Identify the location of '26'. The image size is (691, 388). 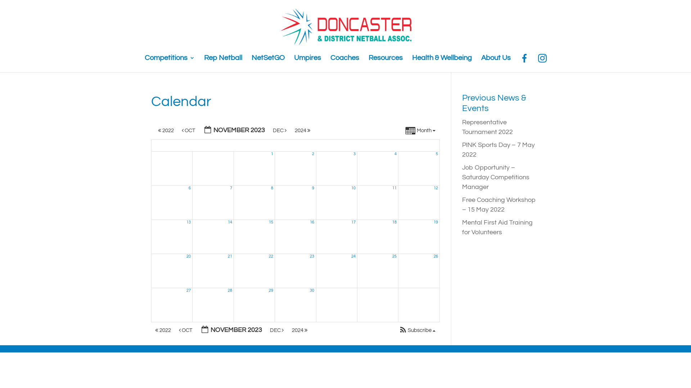
(435, 256).